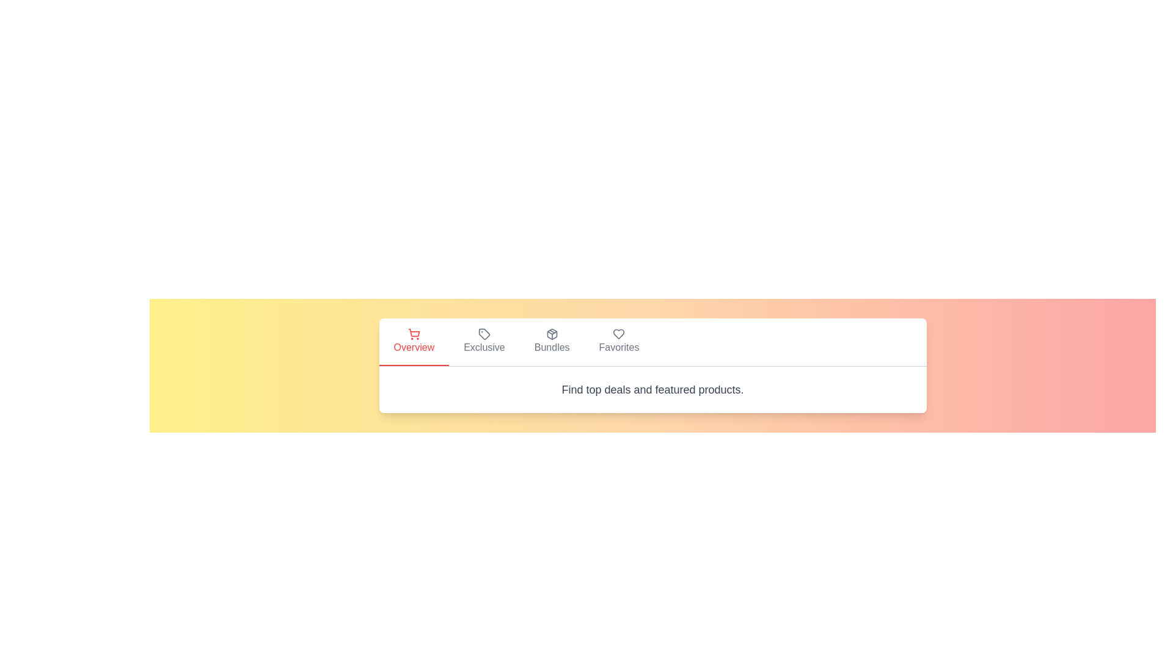  What do you see at coordinates (413, 342) in the screenshot?
I see `the tab labeled Overview to observe visual feedback` at bounding box center [413, 342].